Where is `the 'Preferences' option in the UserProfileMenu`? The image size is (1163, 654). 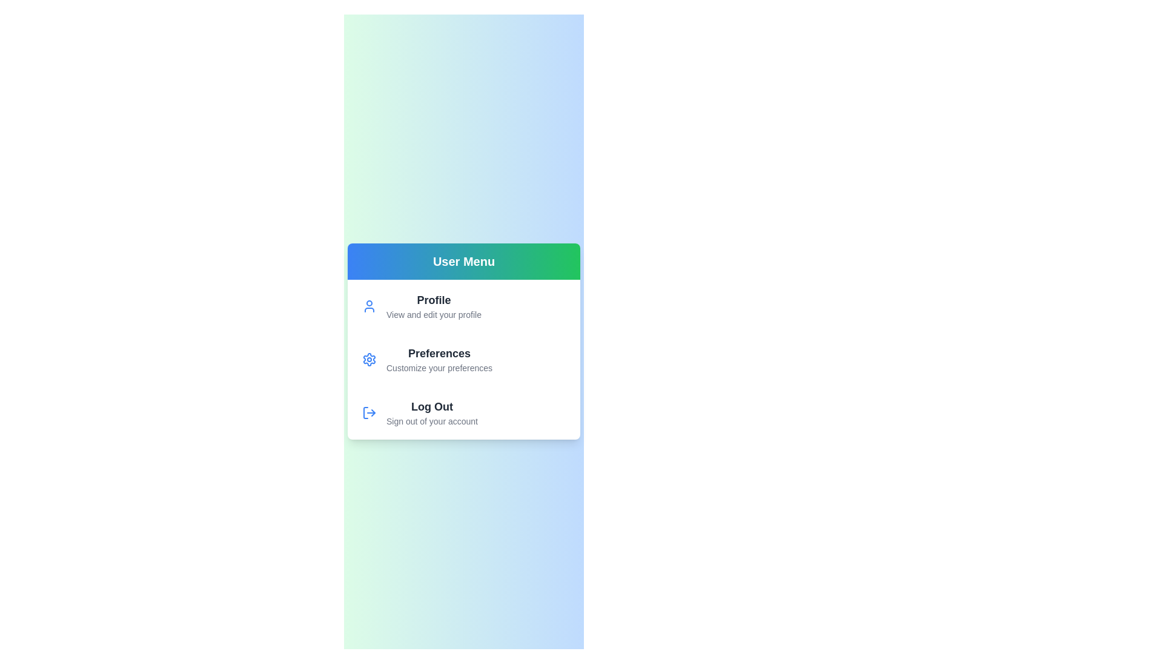
the 'Preferences' option in the UserProfileMenu is located at coordinates (463, 359).